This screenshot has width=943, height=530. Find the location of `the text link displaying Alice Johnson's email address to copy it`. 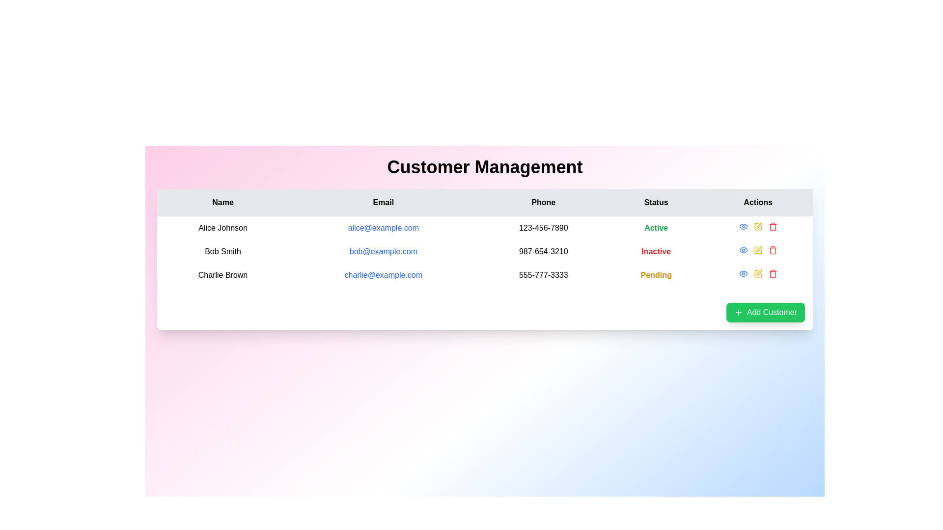

the text link displaying Alice Johnson's email address to copy it is located at coordinates (383, 228).